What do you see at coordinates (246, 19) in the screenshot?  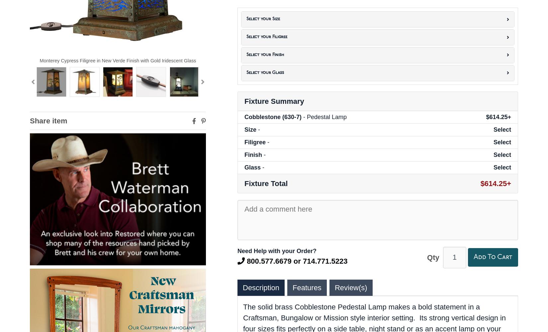 I see `'Select your Size'` at bounding box center [246, 19].